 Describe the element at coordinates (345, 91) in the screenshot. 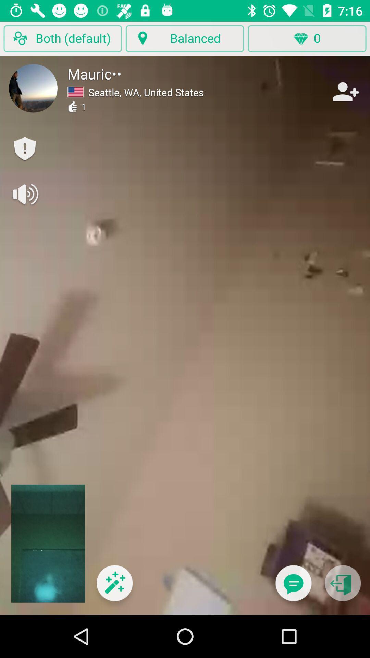

I see `friend` at that location.